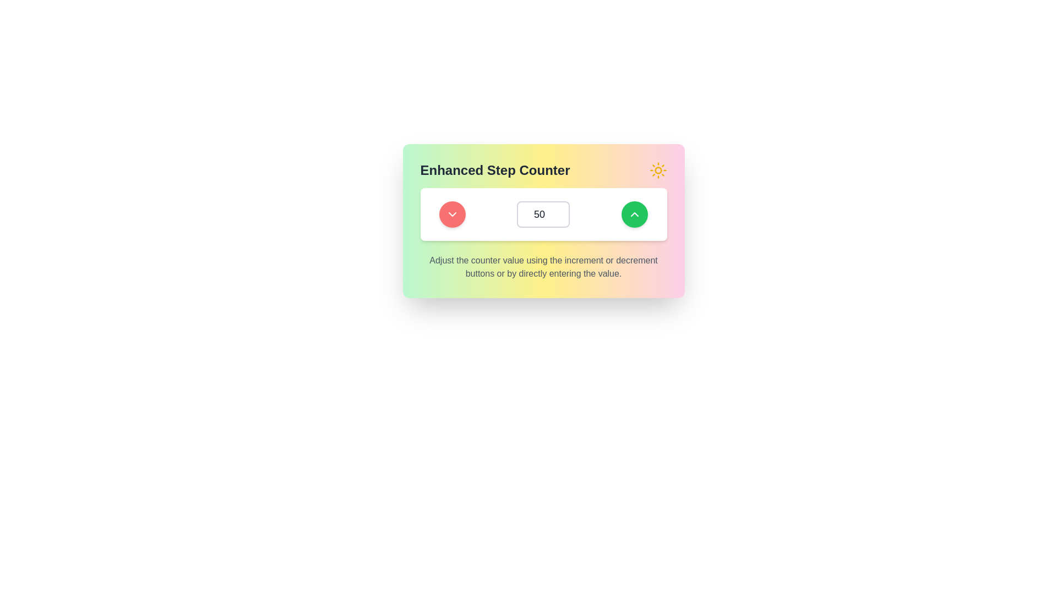 The width and height of the screenshot is (1057, 594). What do you see at coordinates (543, 221) in the screenshot?
I see `the visual changes of the 'Enhanced Step Counter' widget by clicking on it to interact, which features increment and decrement buttons along with a numerical input box` at bounding box center [543, 221].